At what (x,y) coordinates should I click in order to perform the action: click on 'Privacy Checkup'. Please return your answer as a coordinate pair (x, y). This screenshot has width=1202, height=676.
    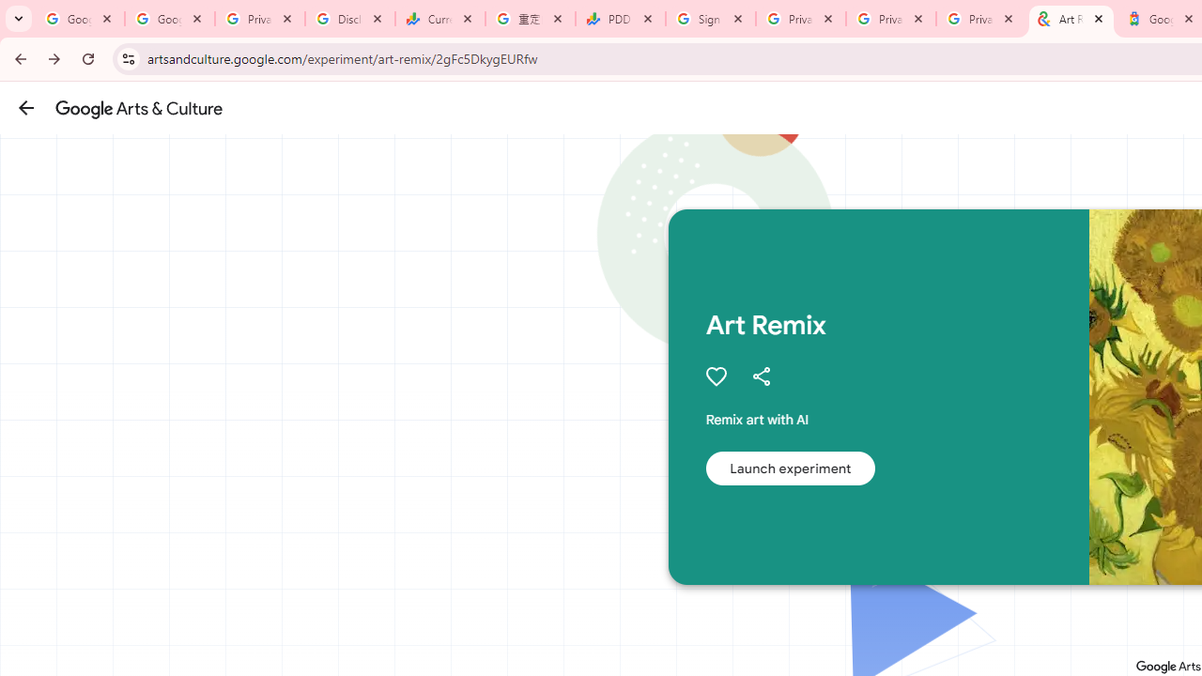
    Looking at the image, I should click on (890, 19).